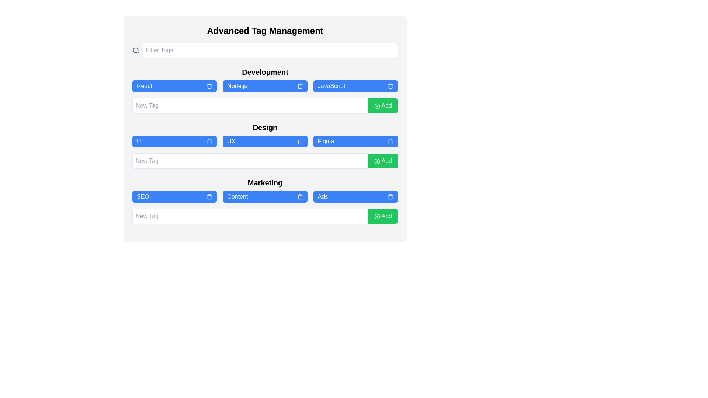 The image size is (708, 398). What do you see at coordinates (144, 86) in the screenshot?
I see `the text label displaying 'React', which is styled with a white font on a blue background` at bounding box center [144, 86].